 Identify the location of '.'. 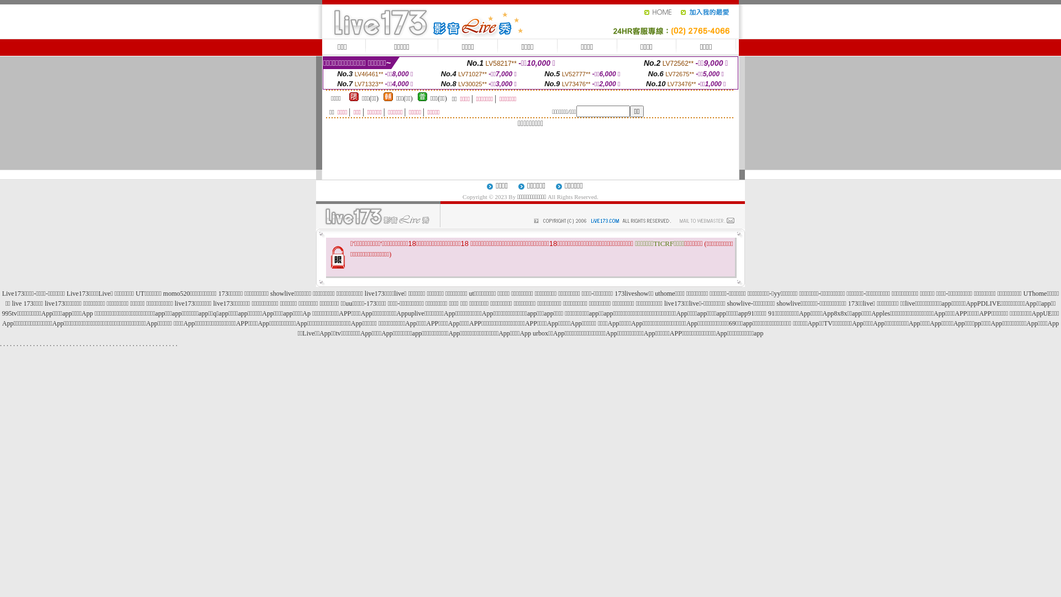
(59, 343).